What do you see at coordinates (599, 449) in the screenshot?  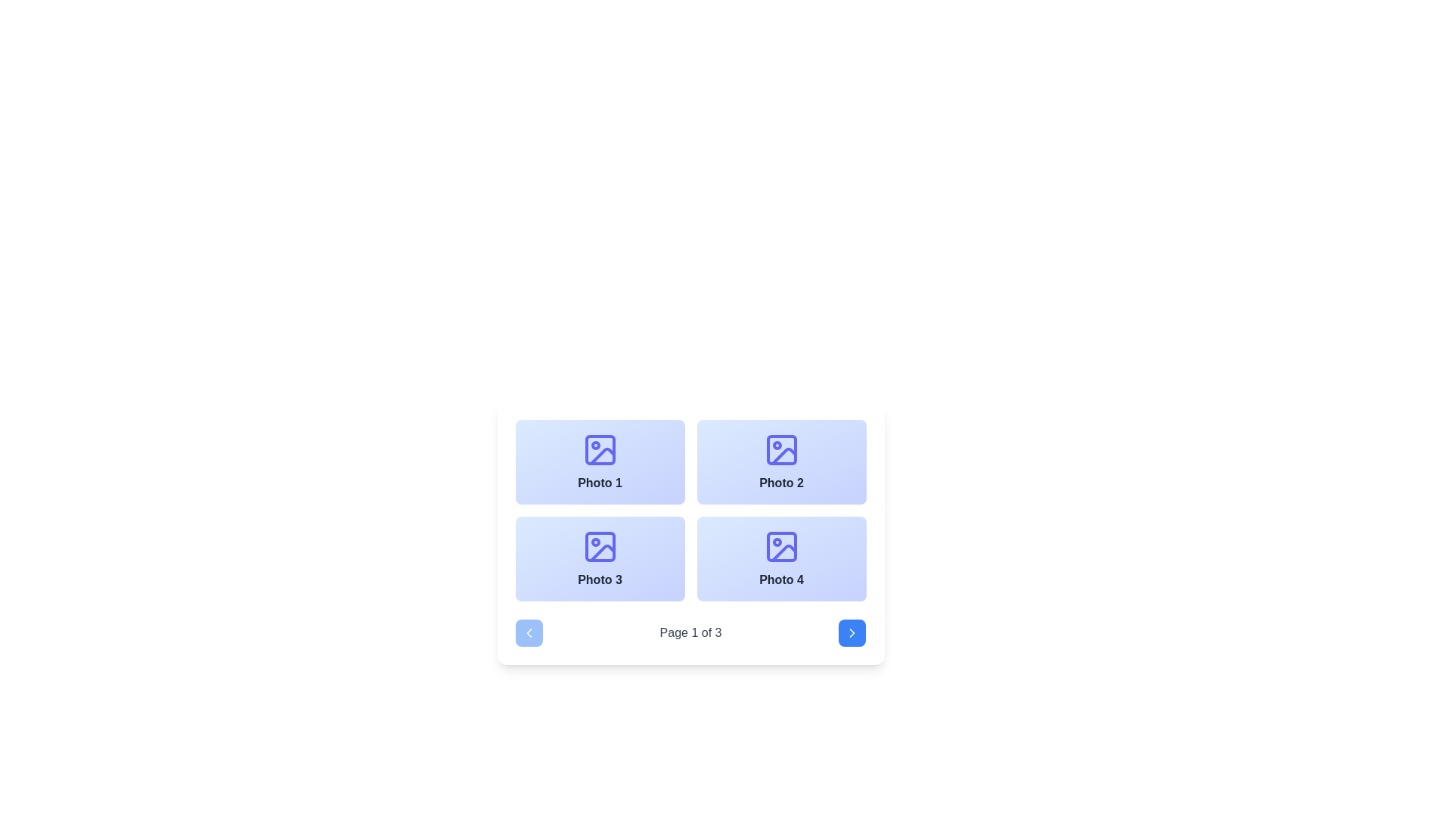 I see `the compact SVG icon representing an image, which is styled with a rounded rectangle, a small circle, and a diagonal line, located in the first card labeled 'Photo 1' in the upper-left quadrant of the interface` at bounding box center [599, 449].